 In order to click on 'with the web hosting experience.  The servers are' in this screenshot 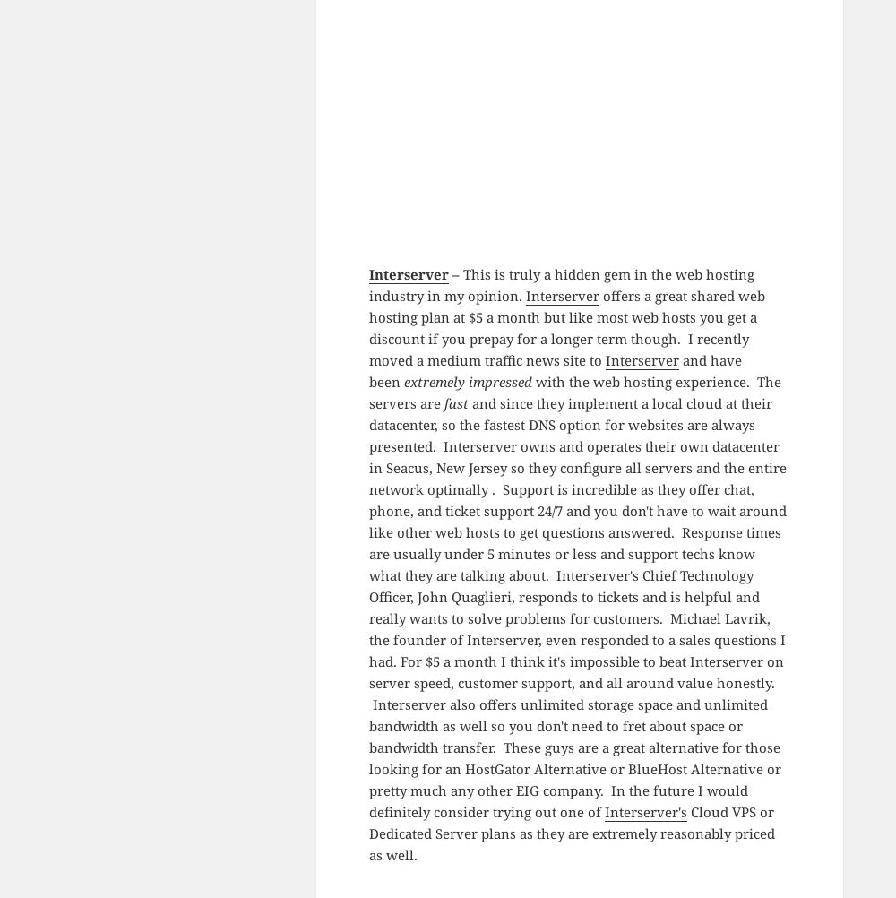, I will do `click(574, 390)`.